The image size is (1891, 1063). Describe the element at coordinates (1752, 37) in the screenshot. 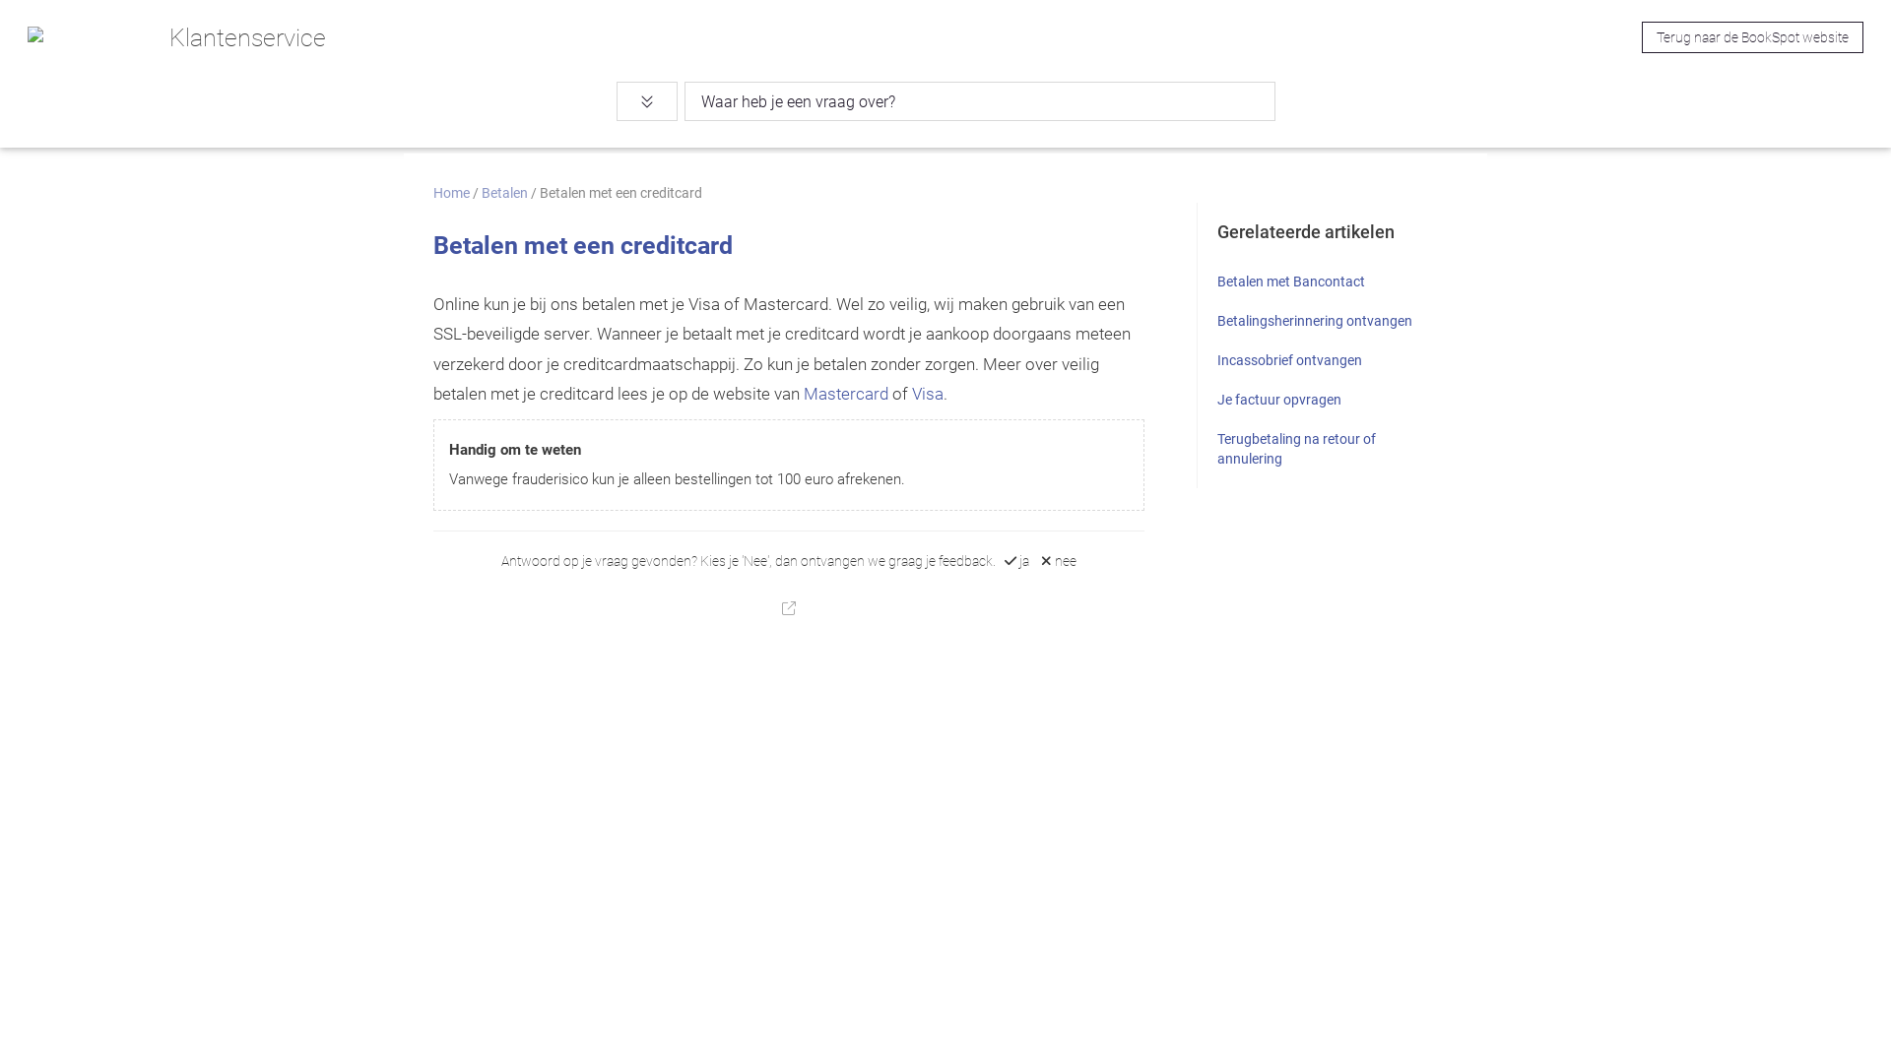

I see `'Terug naar de BookSpot website'` at that location.